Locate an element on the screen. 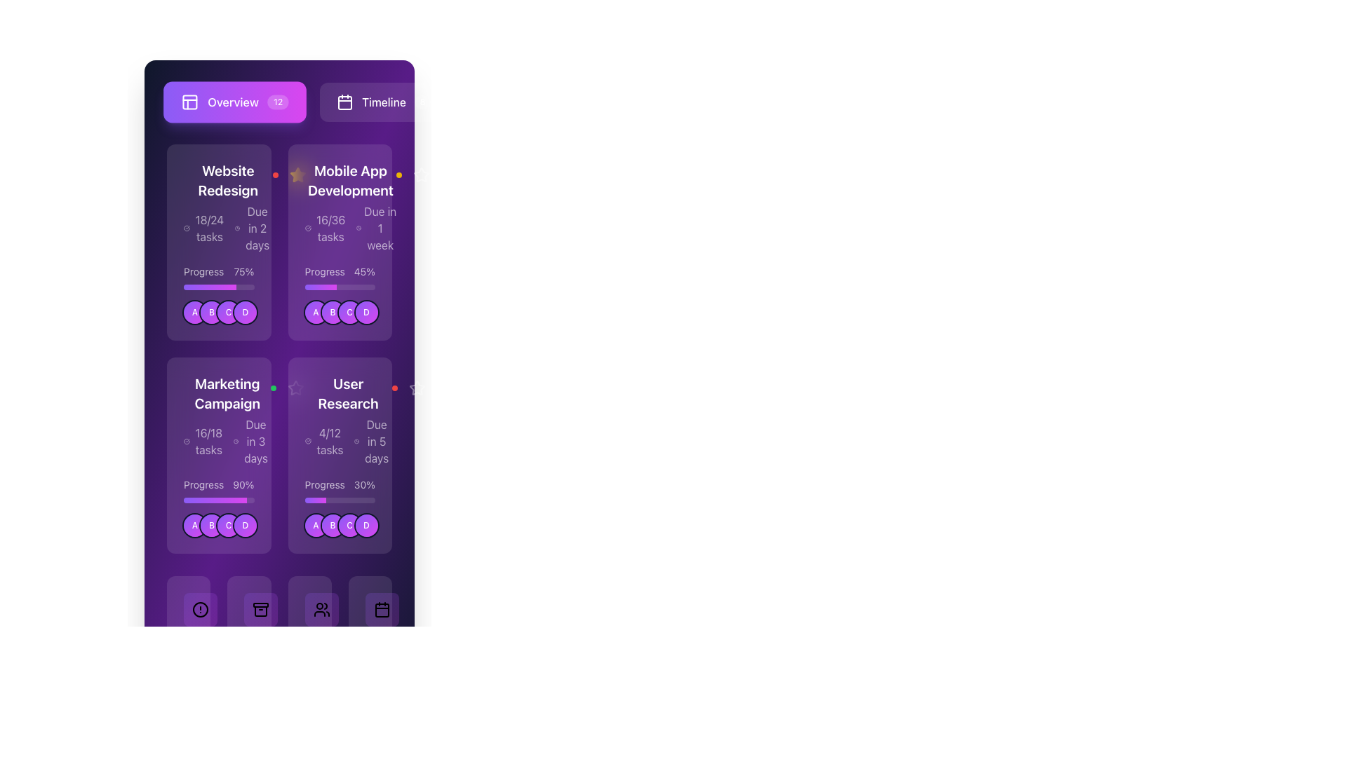 The height and width of the screenshot is (757, 1347). text label that serves as the title or header for the card, located at the top-left area of the card in the grid layout is located at coordinates (228, 180).